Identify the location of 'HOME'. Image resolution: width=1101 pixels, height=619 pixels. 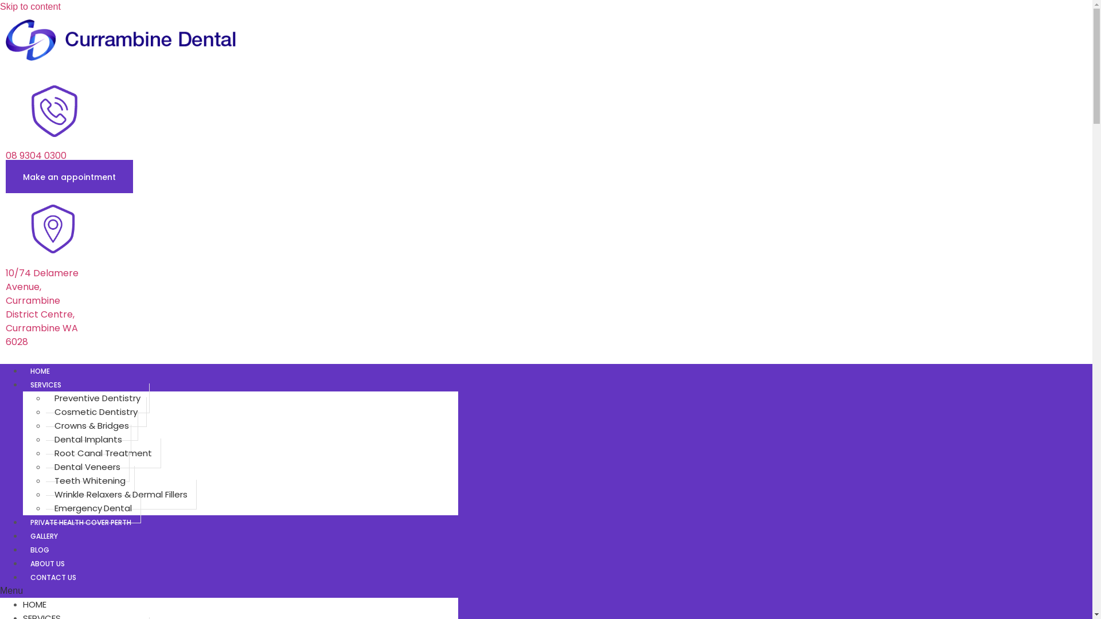
(40, 370).